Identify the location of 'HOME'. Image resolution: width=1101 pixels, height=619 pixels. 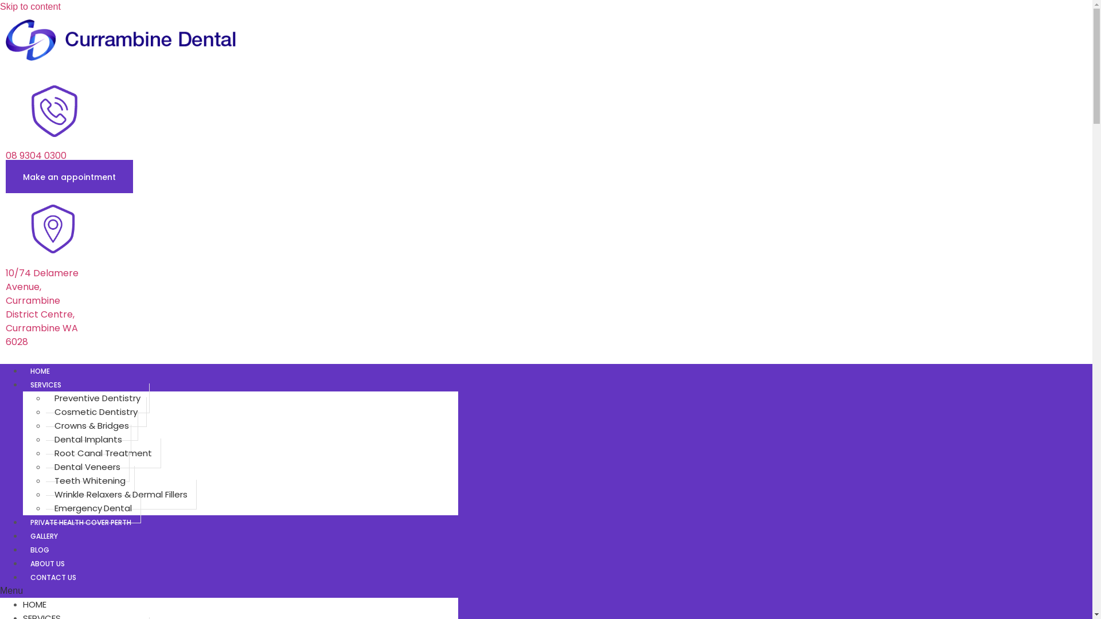
(40, 370).